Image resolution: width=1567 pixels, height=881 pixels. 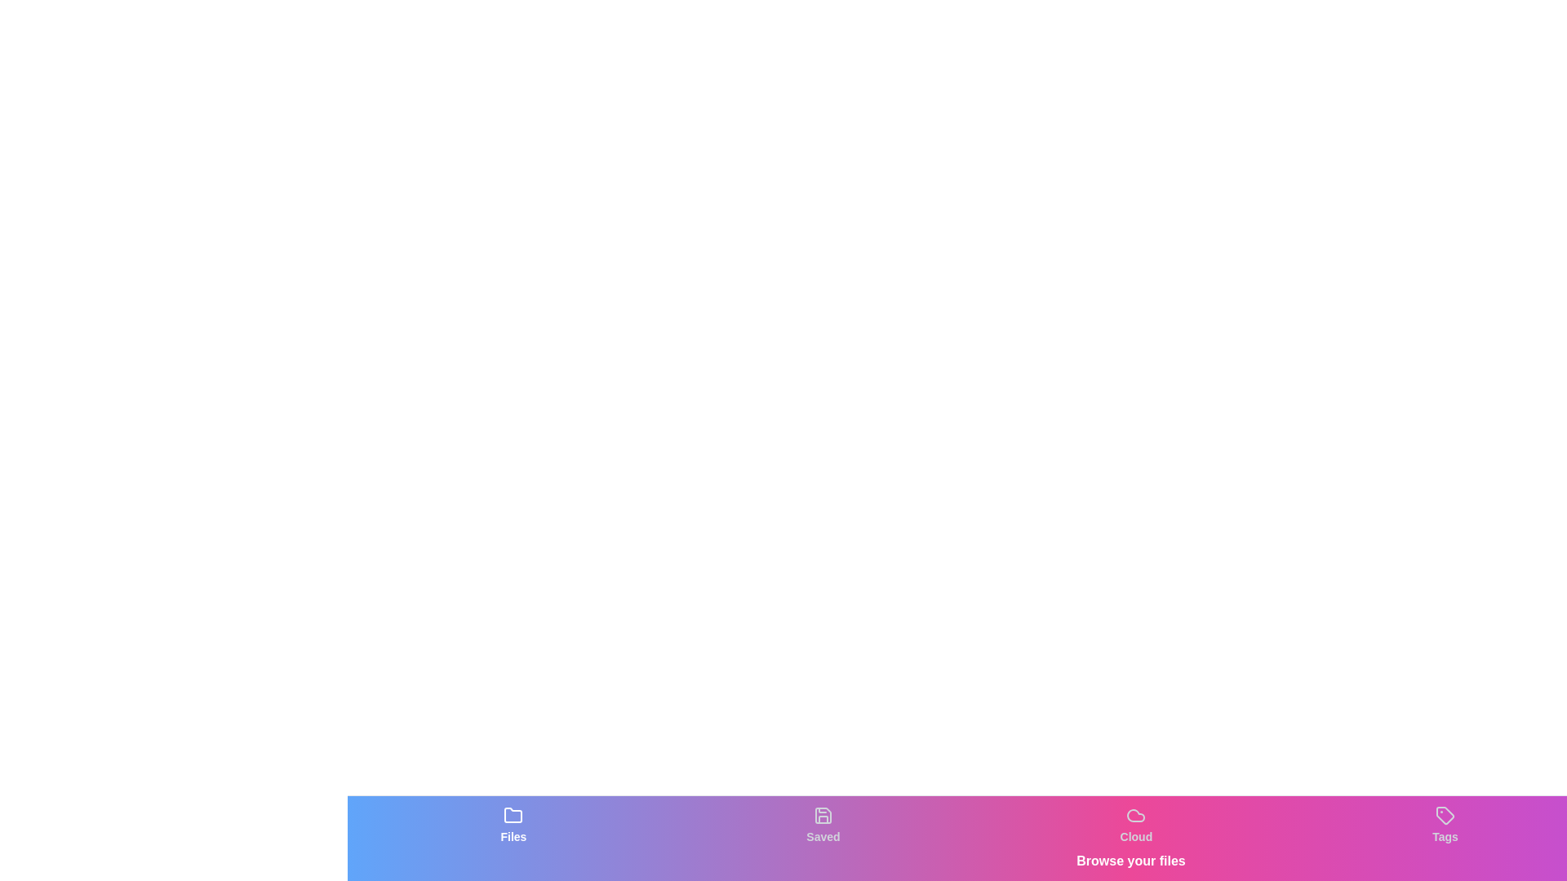 I want to click on the tab labeled Files, so click(x=512, y=825).